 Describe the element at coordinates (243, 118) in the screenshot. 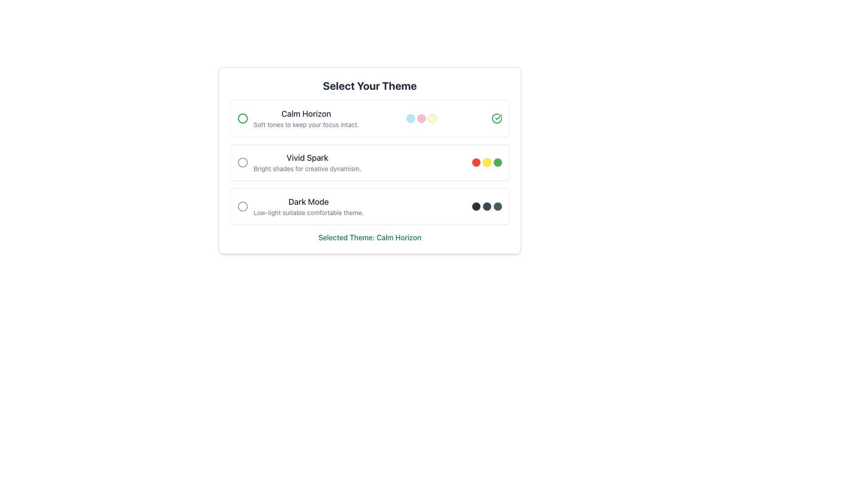

I see `the SVG circle decorative component located to the left of the 'Calm Horizon' theme label in the theme selection panel` at that location.